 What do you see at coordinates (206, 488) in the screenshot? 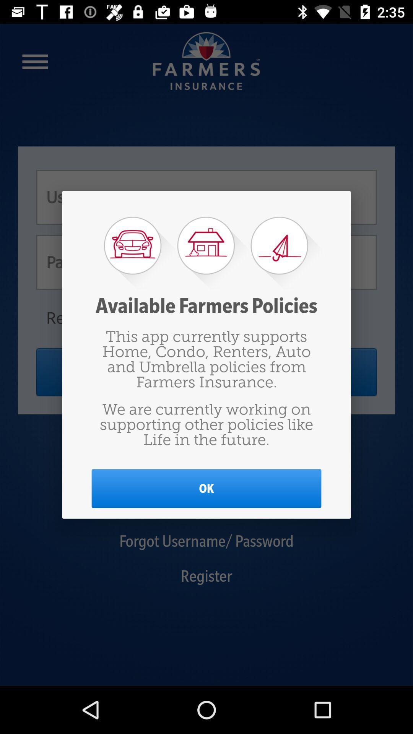
I see `the ok icon` at bounding box center [206, 488].